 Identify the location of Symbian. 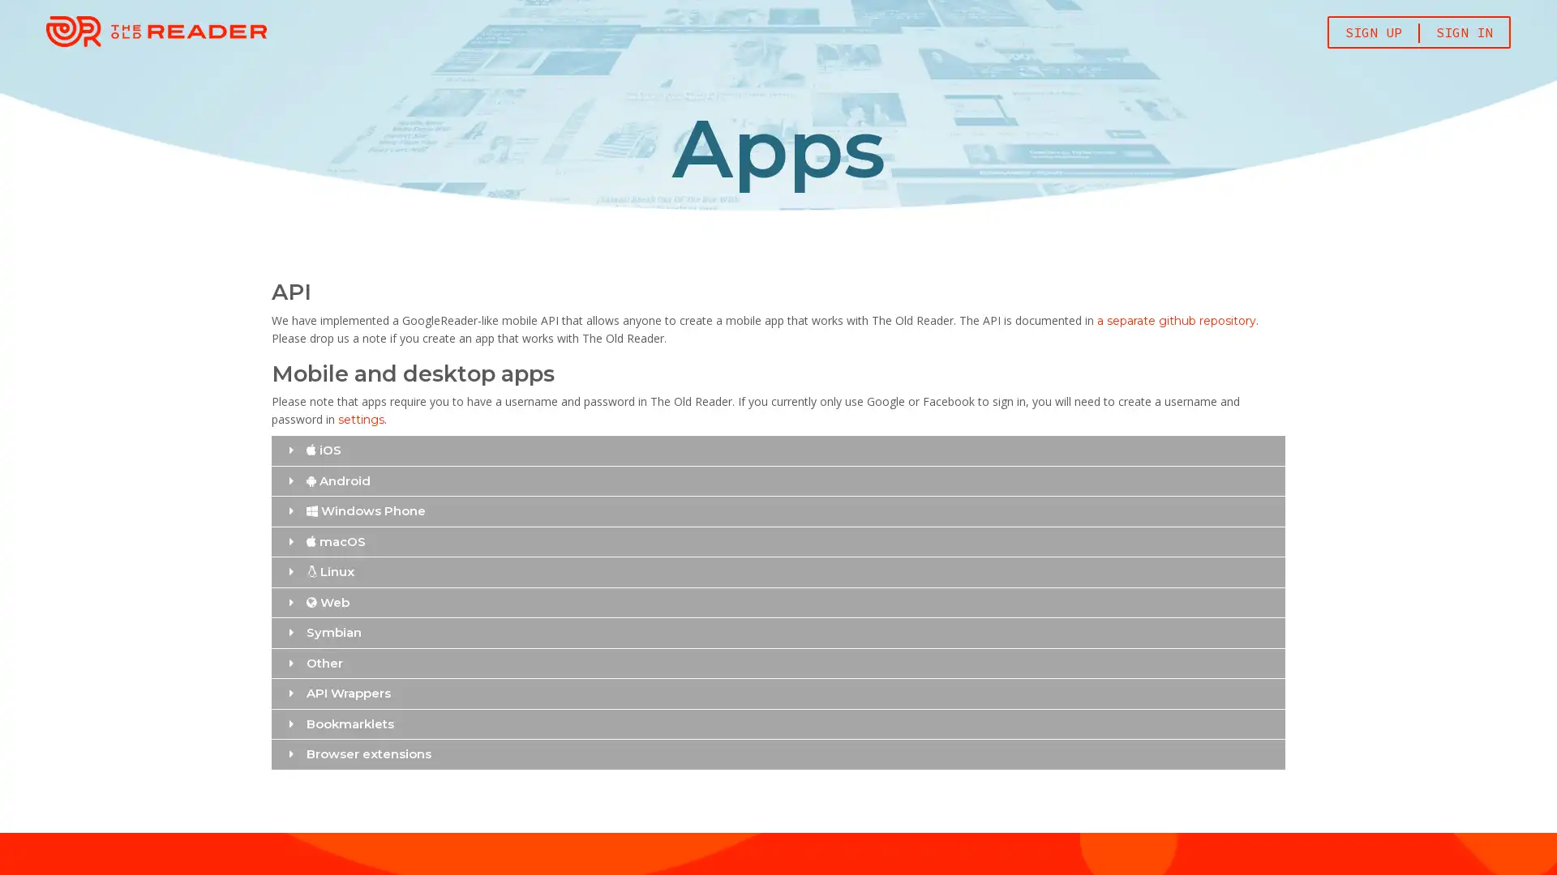
(777, 631).